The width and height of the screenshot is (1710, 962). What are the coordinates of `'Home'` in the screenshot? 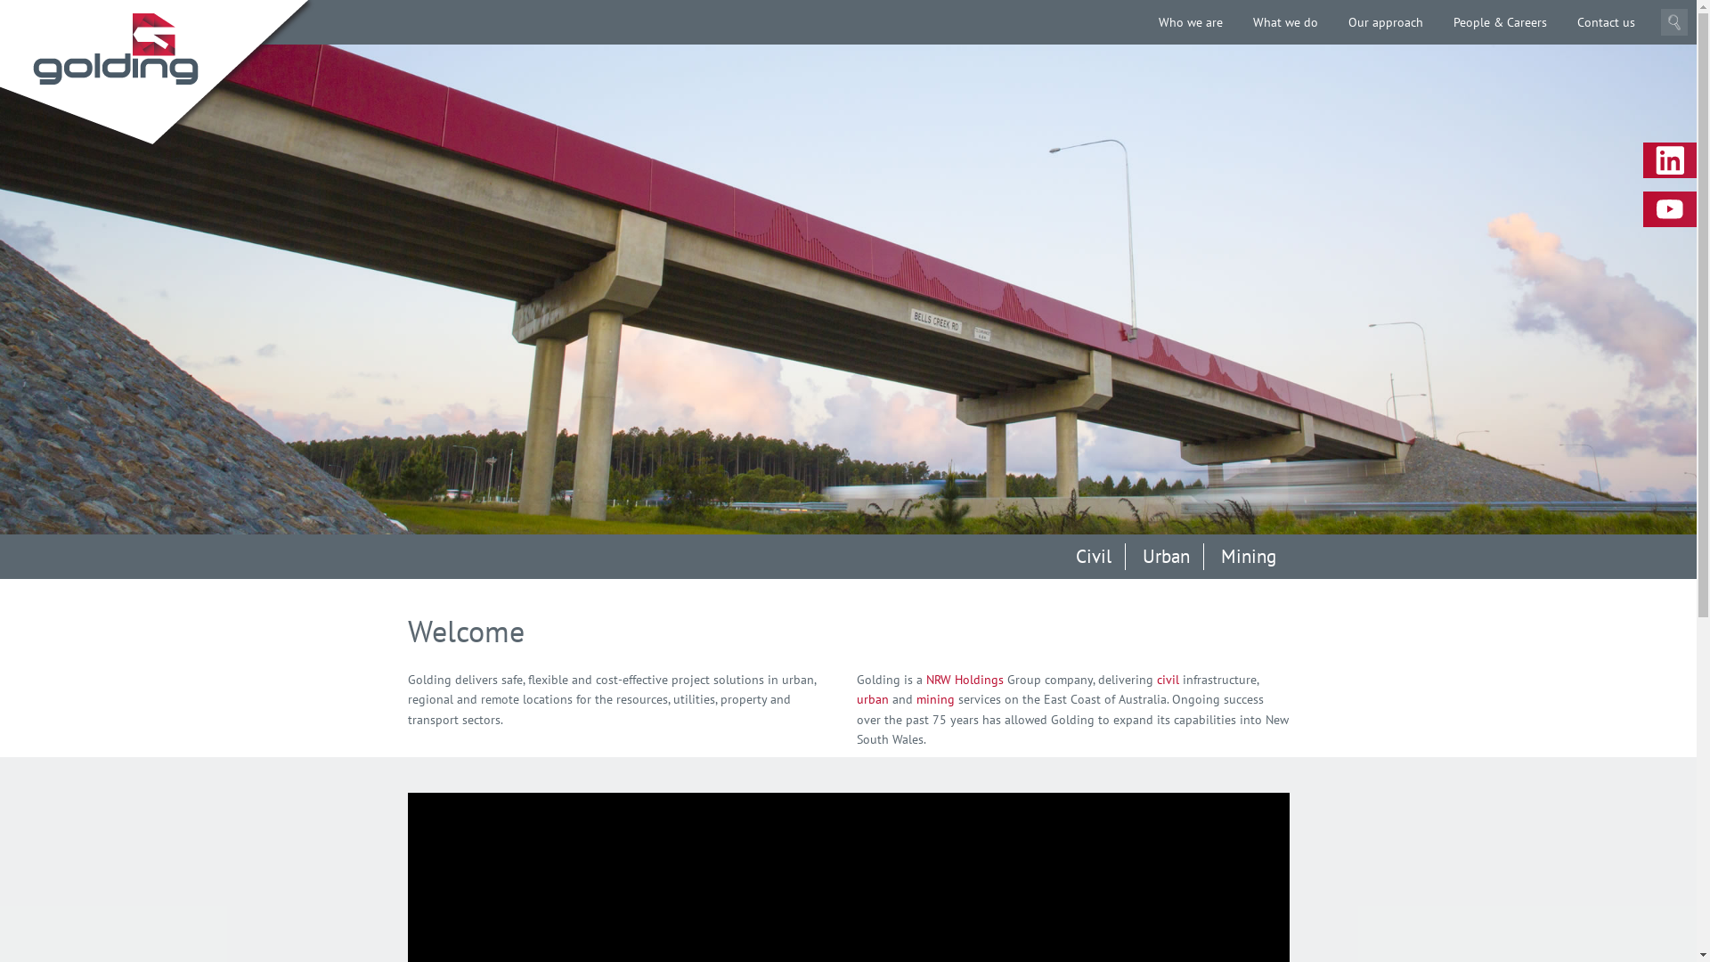 It's located at (114, 47).